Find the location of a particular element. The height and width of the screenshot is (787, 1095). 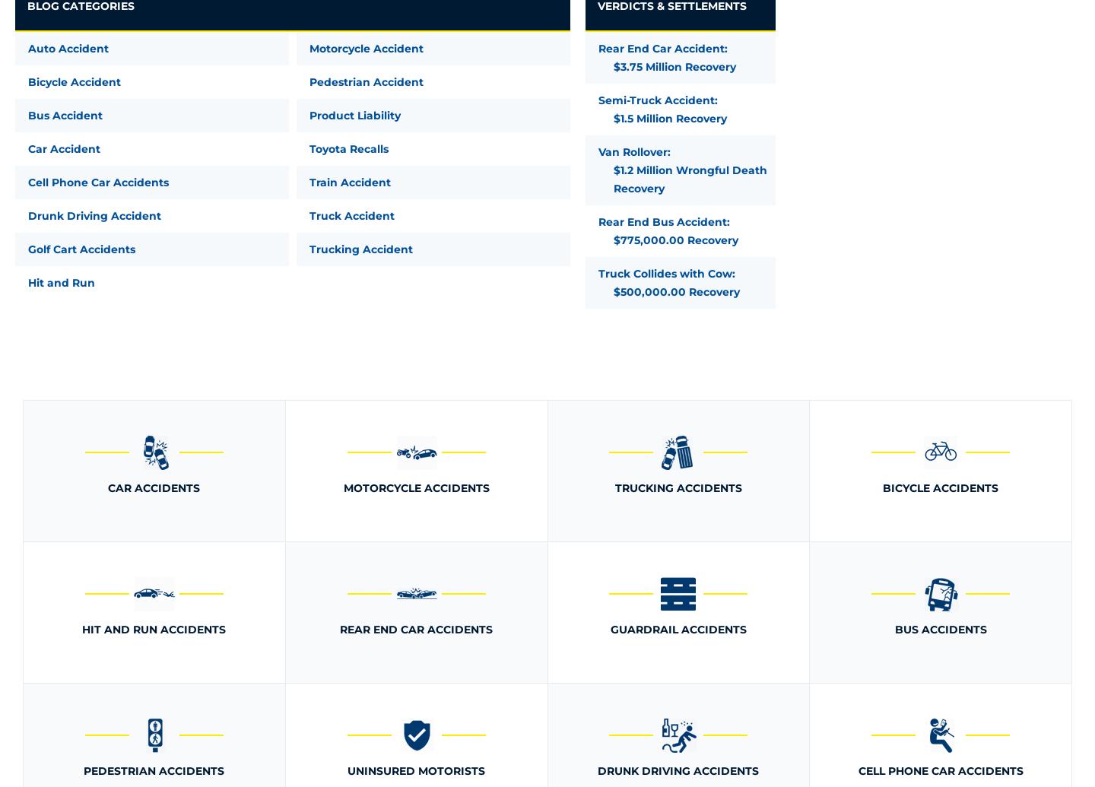

'Pedestrian Accidents' is located at coordinates (154, 770).